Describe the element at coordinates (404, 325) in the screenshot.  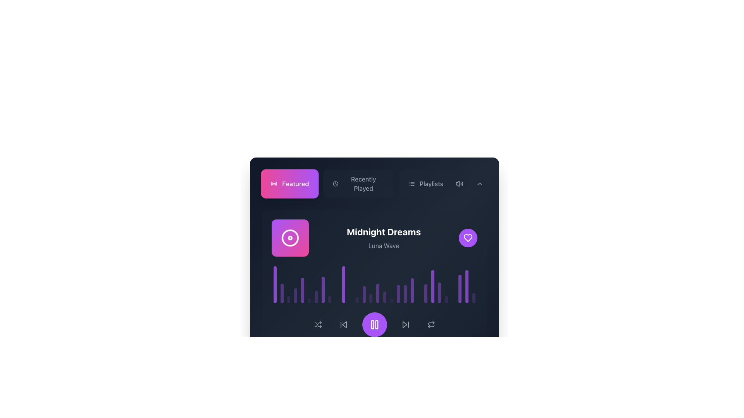
I see `the triangle icon representing skip-forward functionality, located in the lower control section of the interface, positioned near the bottom-right corner adjacent to a vertical line` at that location.